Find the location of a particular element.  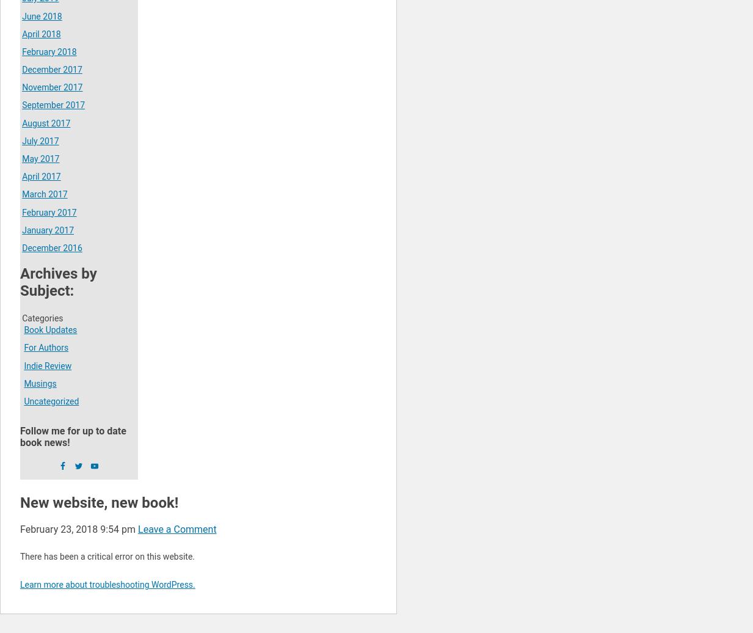

'Musings' is located at coordinates (39, 382).